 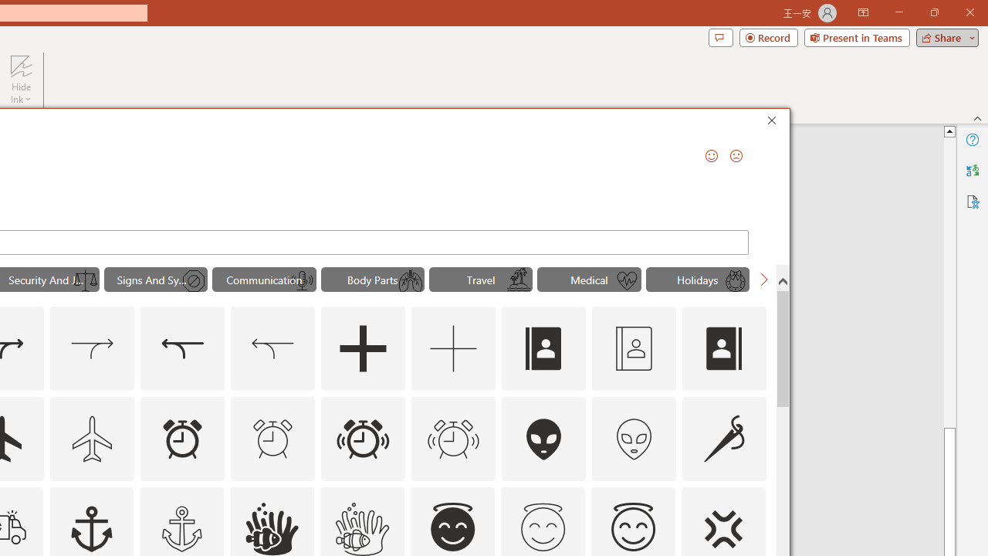 What do you see at coordinates (736, 155) in the screenshot?
I see `'Send a Frown'` at bounding box center [736, 155].